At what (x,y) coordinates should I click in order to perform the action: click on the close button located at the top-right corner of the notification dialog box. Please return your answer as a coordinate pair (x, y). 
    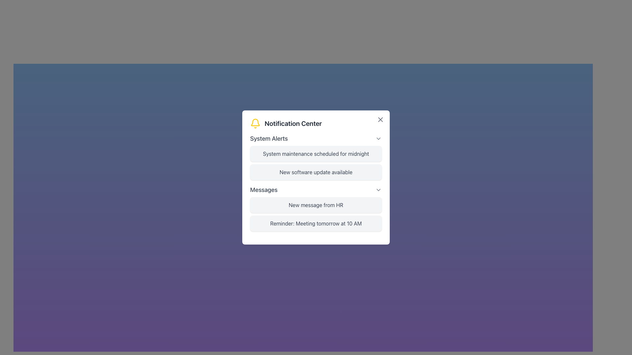
    Looking at the image, I should click on (381, 119).